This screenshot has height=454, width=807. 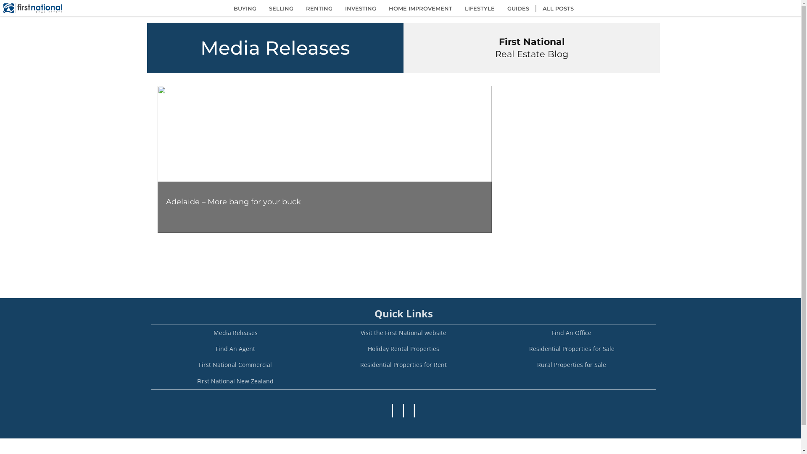 What do you see at coordinates (235, 348) in the screenshot?
I see `'Find An Agent'` at bounding box center [235, 348].